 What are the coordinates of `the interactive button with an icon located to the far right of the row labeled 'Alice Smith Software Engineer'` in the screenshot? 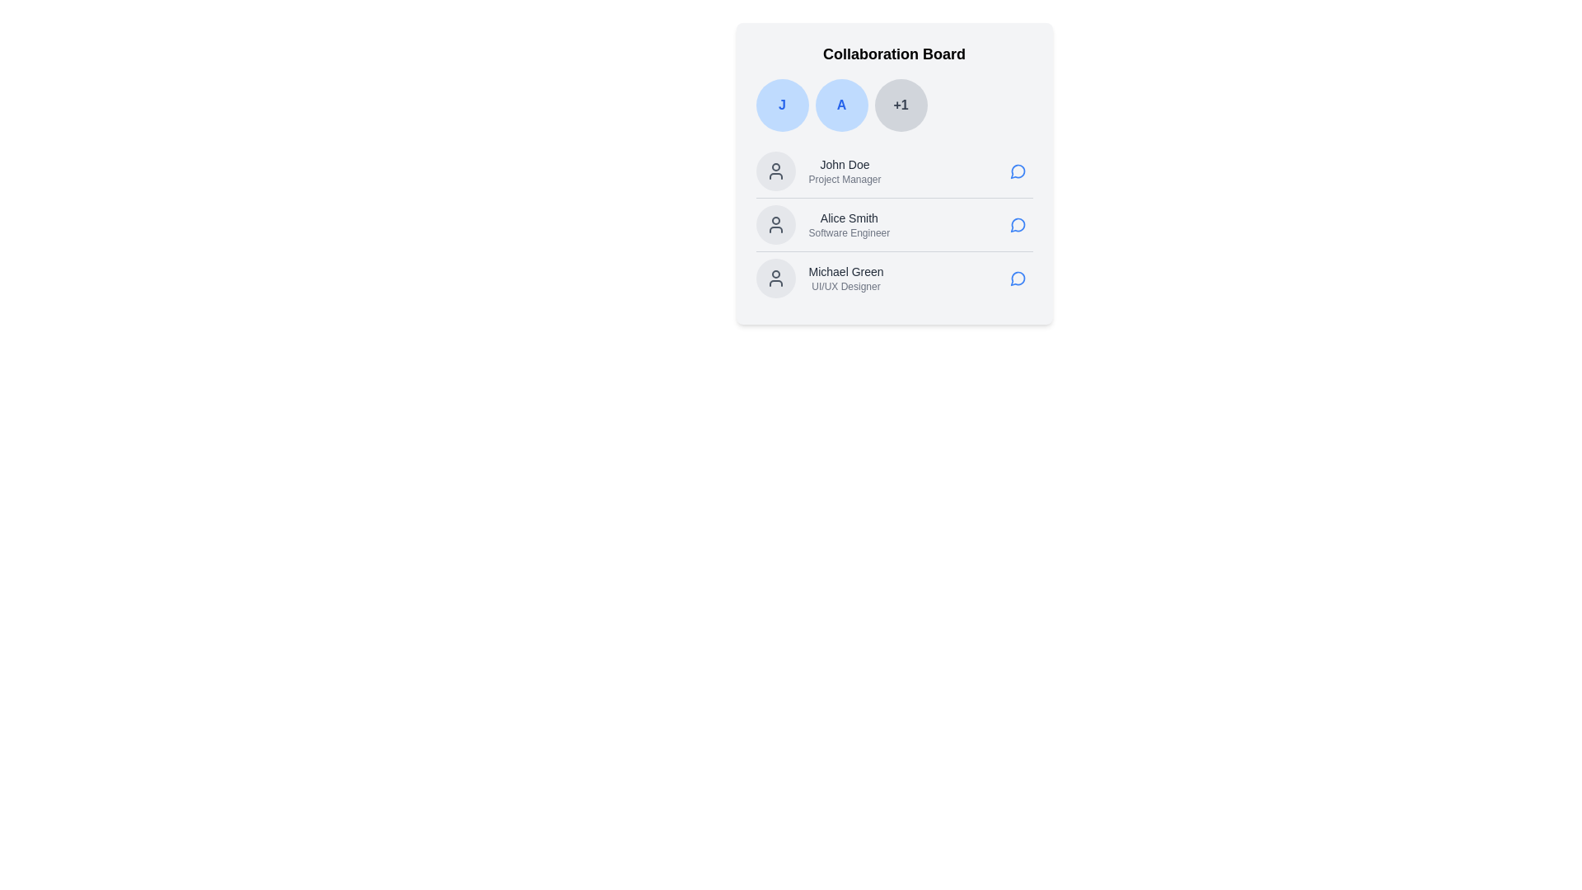 It's located at (1017, 225).